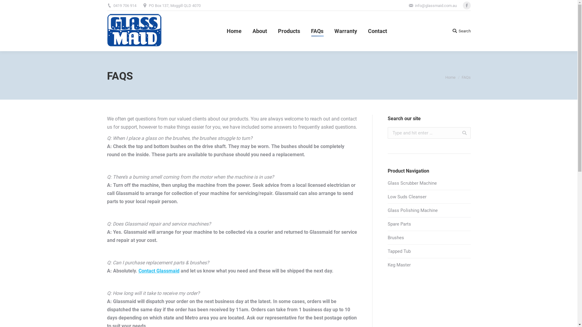 Image resolution: width=582 pixels, height=327 pixels. What do you see at coordinates (276, 31) in the screenshot?
I see `'Products'` at bounding box center [276, 31].